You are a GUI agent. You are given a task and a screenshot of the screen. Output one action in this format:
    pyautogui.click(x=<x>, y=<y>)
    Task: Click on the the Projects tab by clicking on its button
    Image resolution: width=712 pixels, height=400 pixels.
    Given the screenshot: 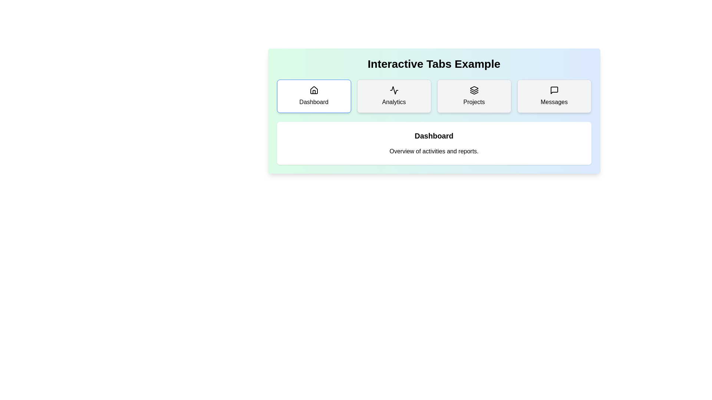 What is the action you would take?
    pyautogui.click(x=474, y=96)
    